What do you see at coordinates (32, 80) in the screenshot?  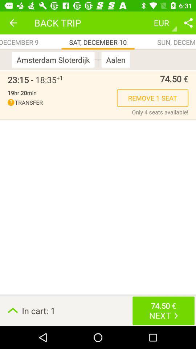 I see `the 23 15 18 item` at bounding box center [32, 80].